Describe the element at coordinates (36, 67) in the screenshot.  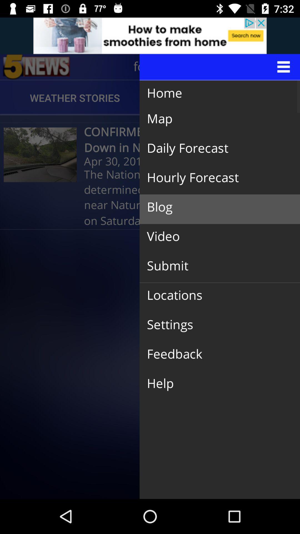
I see `the date_range icon` at that location.